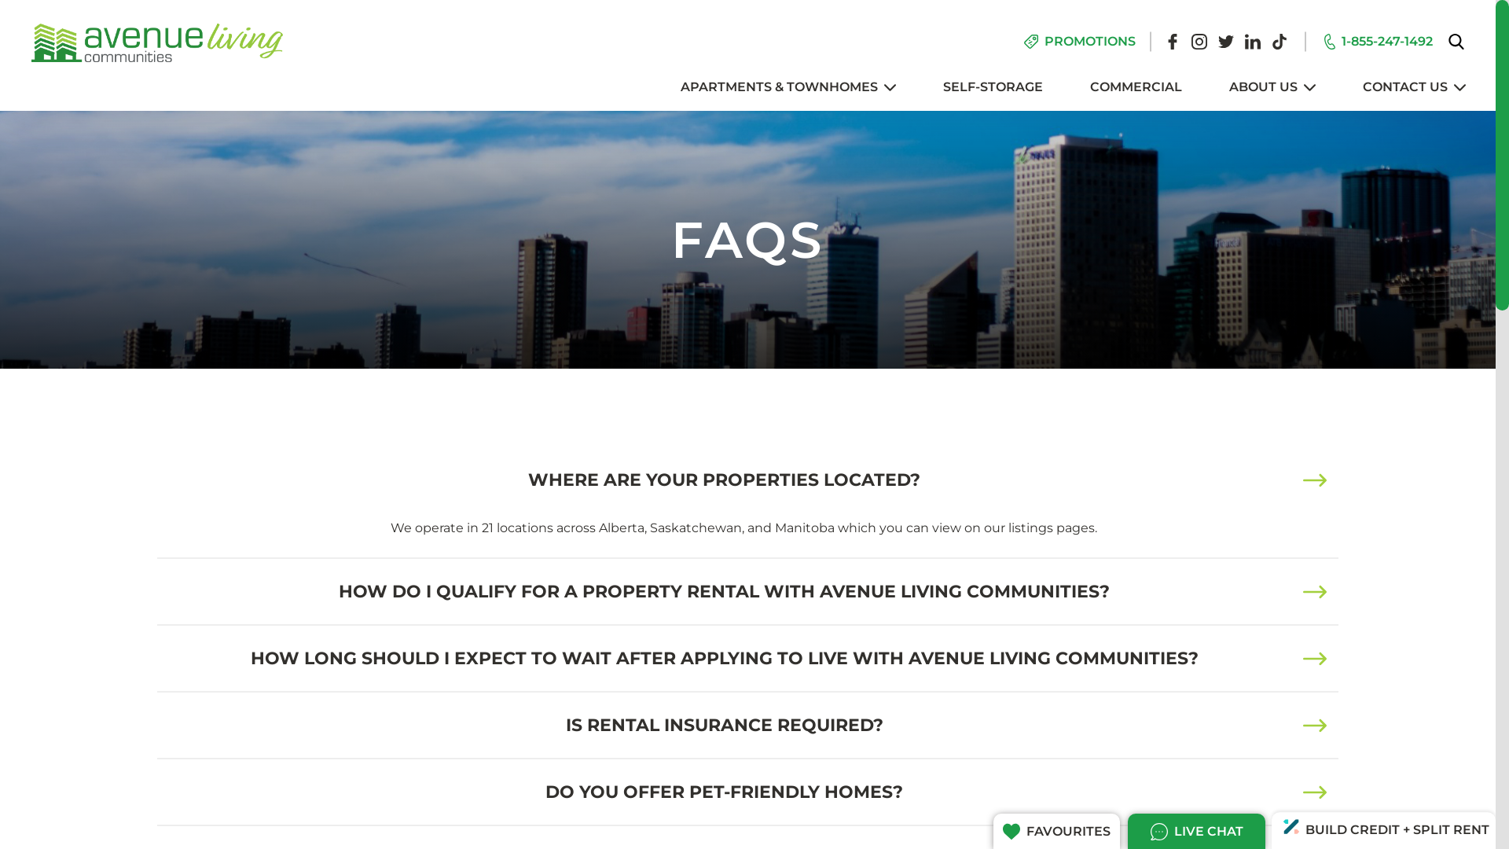 This screenshot has height=849, width=1509. I want to click on 'PROMOTIONS', so click(1023, 41).